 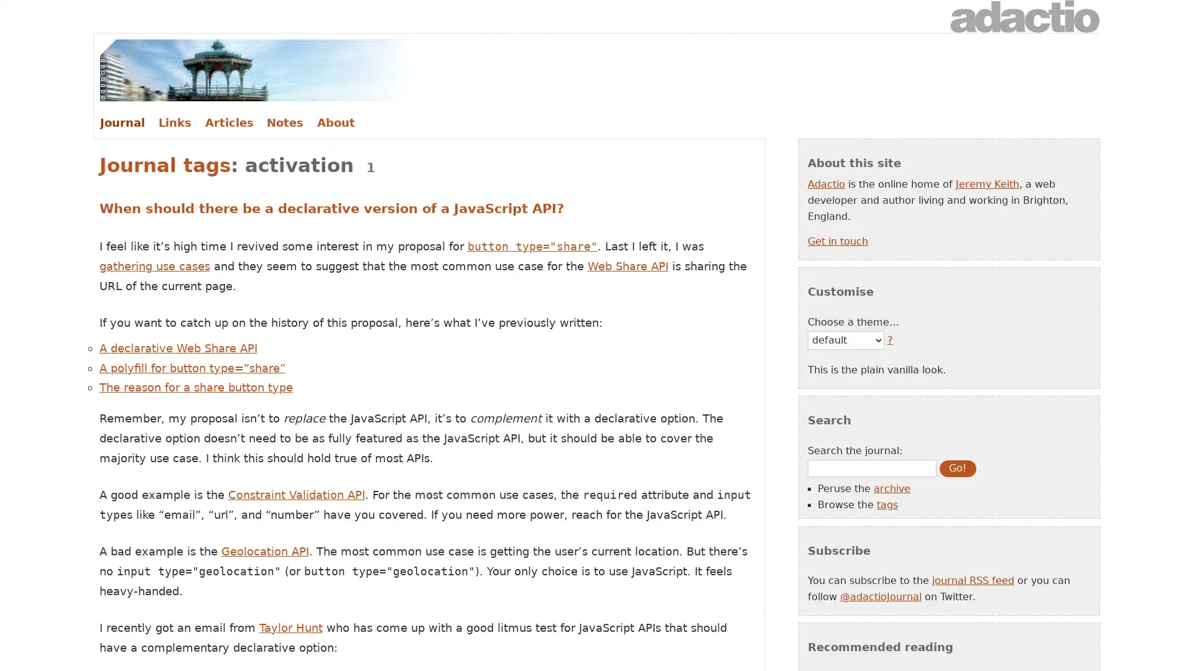 I want to click on Go!, so click(x=956, y=468).